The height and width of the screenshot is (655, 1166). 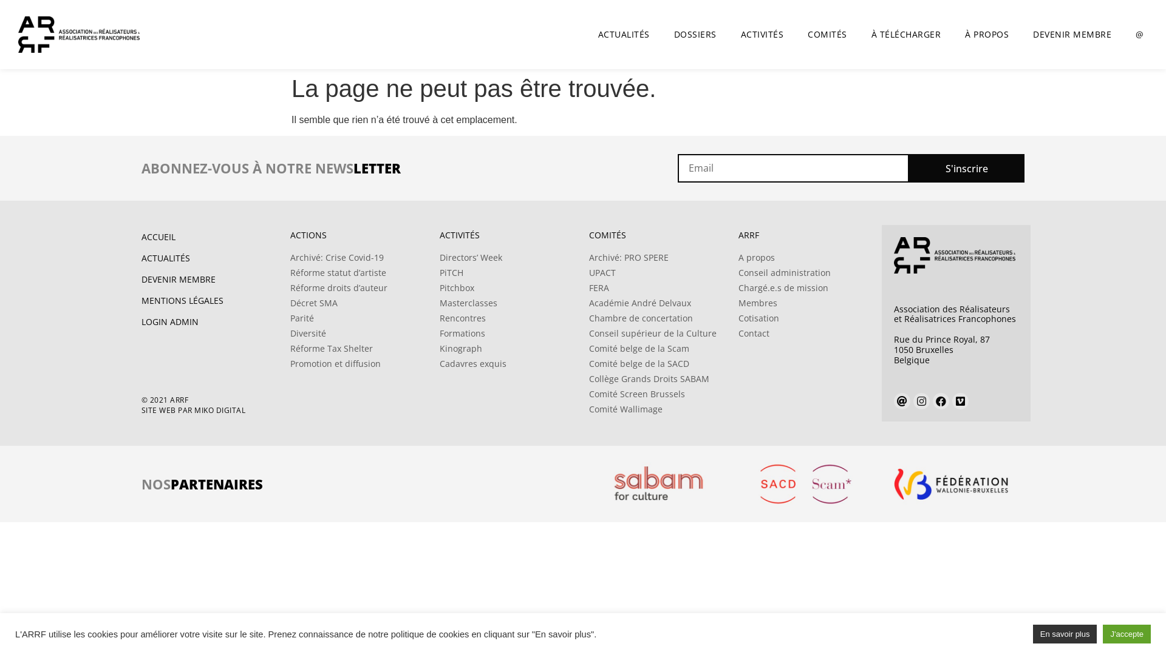 What do you see at coordinates (508, 287) in the screenshot?
I see `'Pitchbox'` at bounding box center [508, 287].